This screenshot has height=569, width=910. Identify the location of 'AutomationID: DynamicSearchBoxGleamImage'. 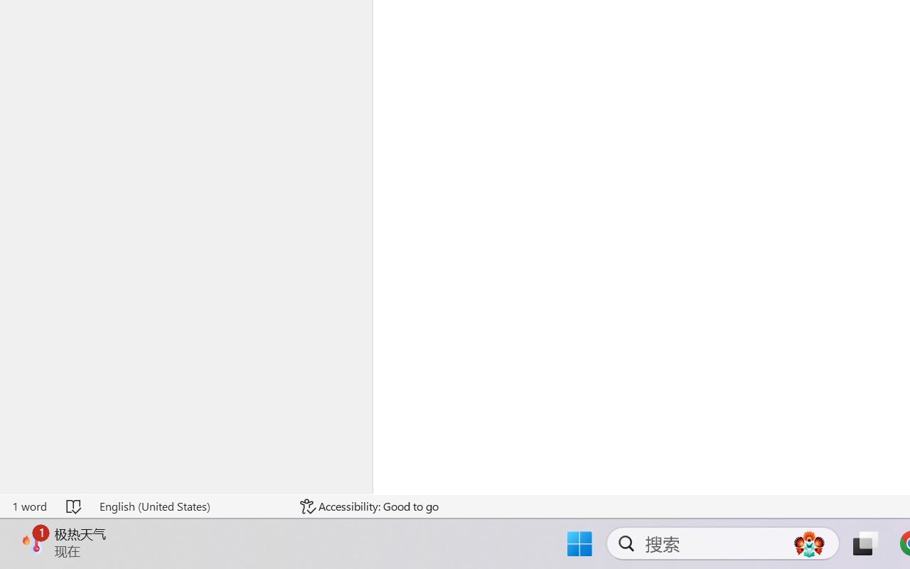
(809, 543).